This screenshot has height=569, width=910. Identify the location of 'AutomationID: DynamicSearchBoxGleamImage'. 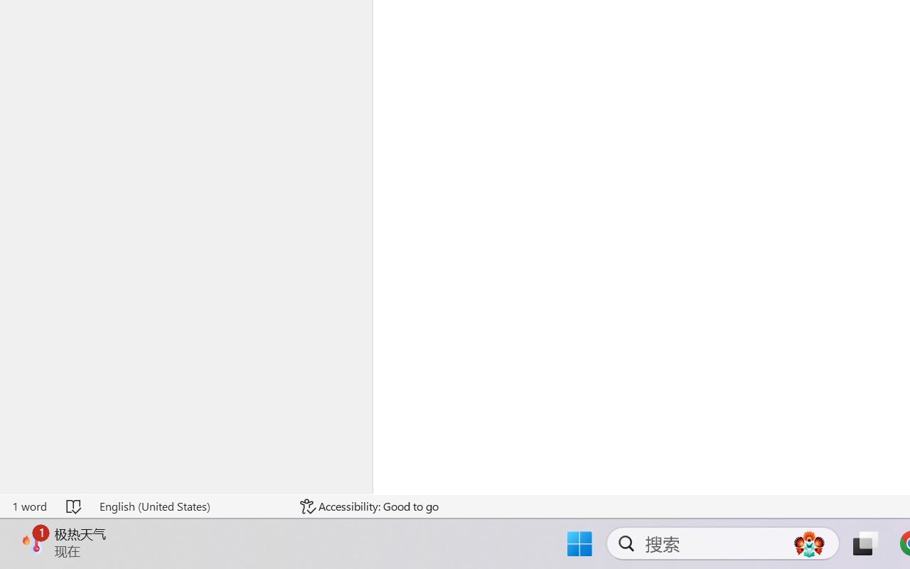
(809, 543).